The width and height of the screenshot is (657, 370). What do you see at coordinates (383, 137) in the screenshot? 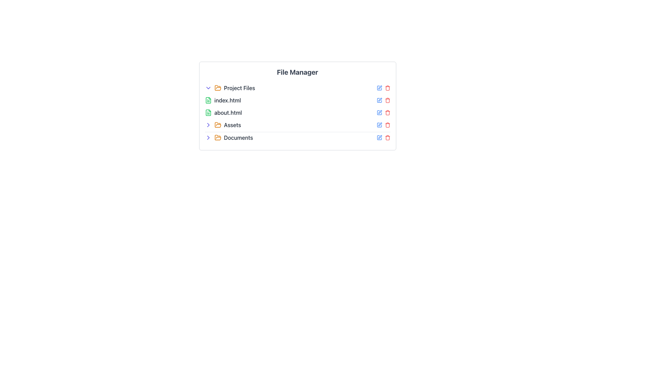
I see `the group of interactive buttons located at the far right of the 'Documents' row in the 'File Manager' interface` at bounding box center [383, 137].